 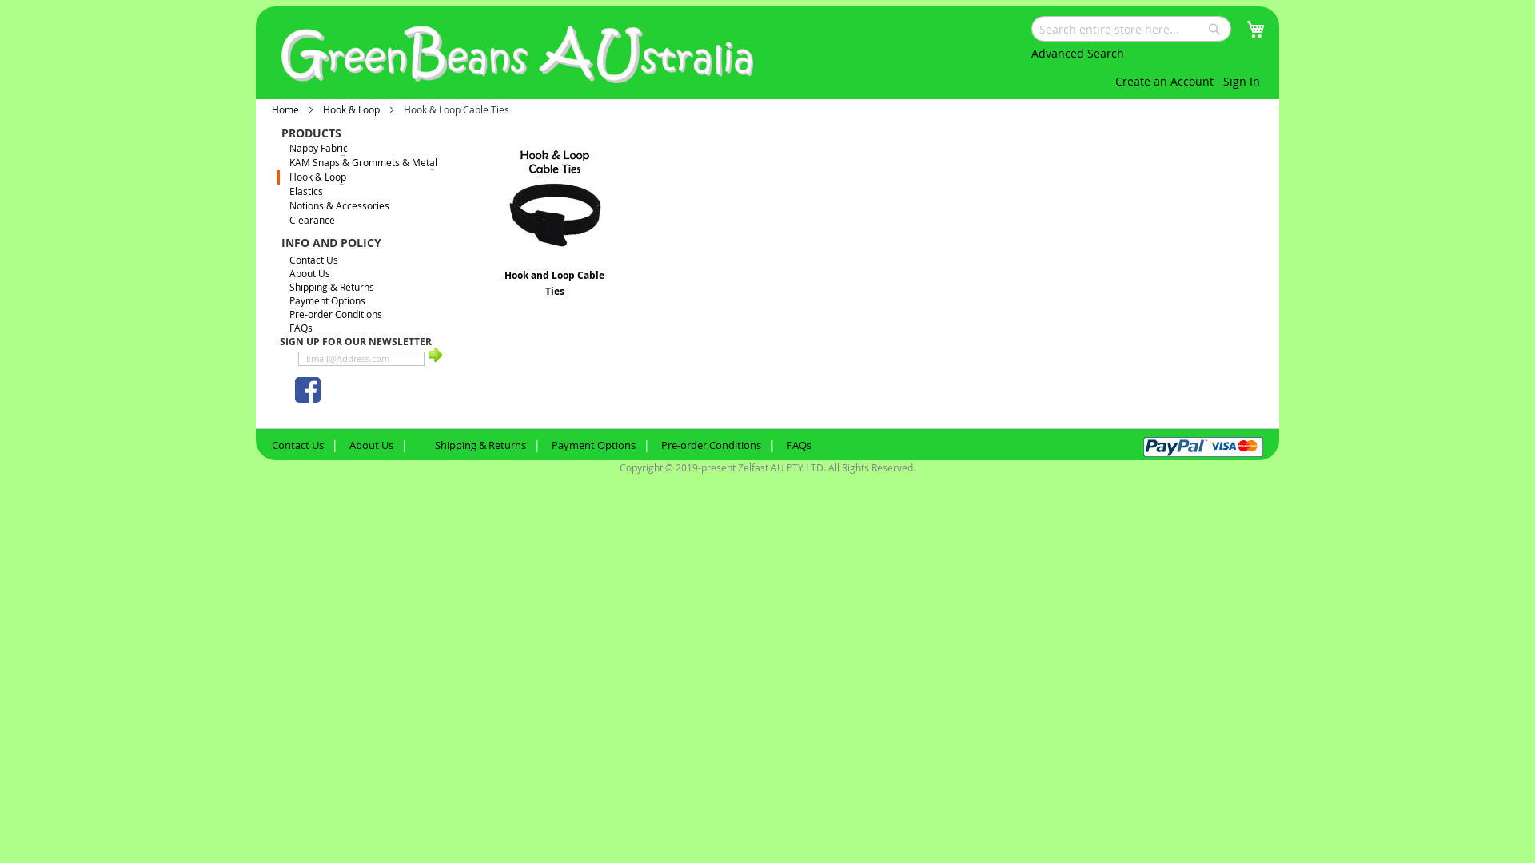 I want to click on 'Pre-order Conditions', so click(x=335, y=314).